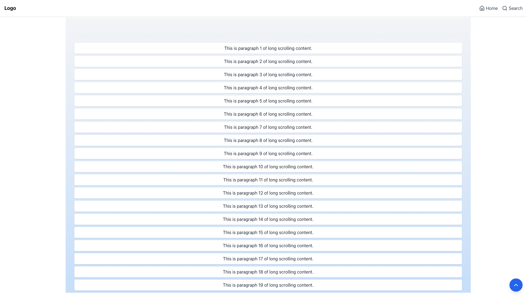  What do you see at coordinates (516, 285) in the screenshot?
I see `the circular button located at the bottom-right corner of the page, which has a blue background and a white arrow icon` at bounding box center [516, 285].